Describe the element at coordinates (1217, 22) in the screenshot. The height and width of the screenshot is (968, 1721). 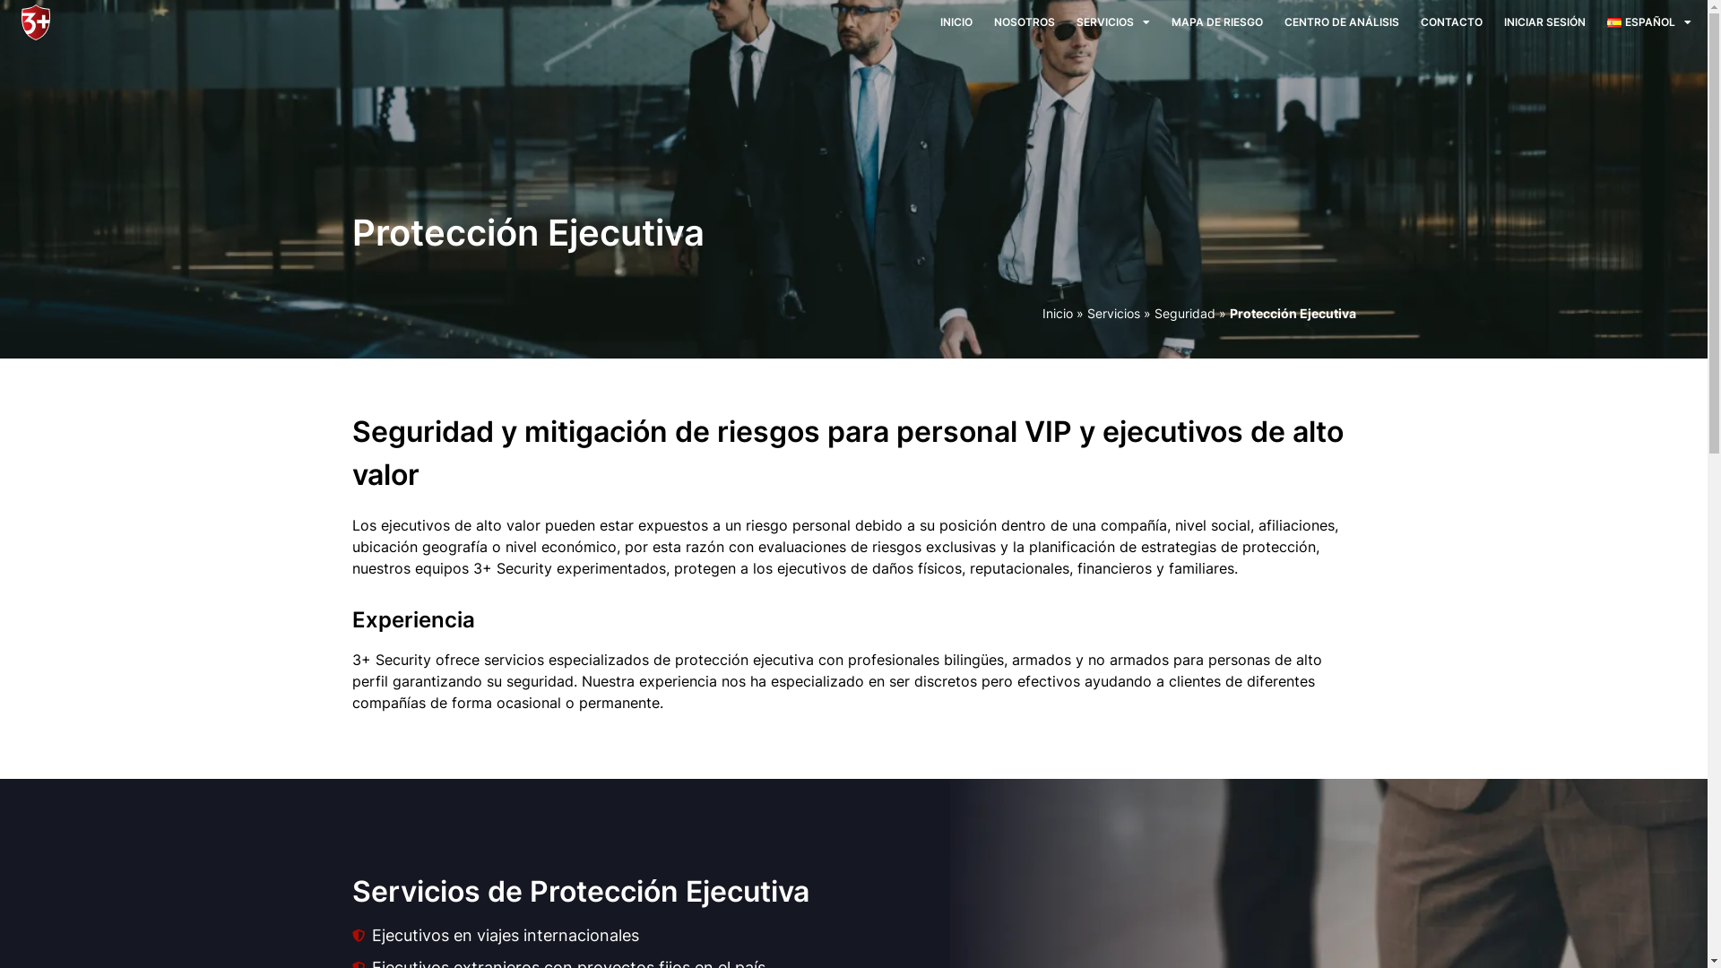
I see `'MAPA DE RIESGO'` at that location.